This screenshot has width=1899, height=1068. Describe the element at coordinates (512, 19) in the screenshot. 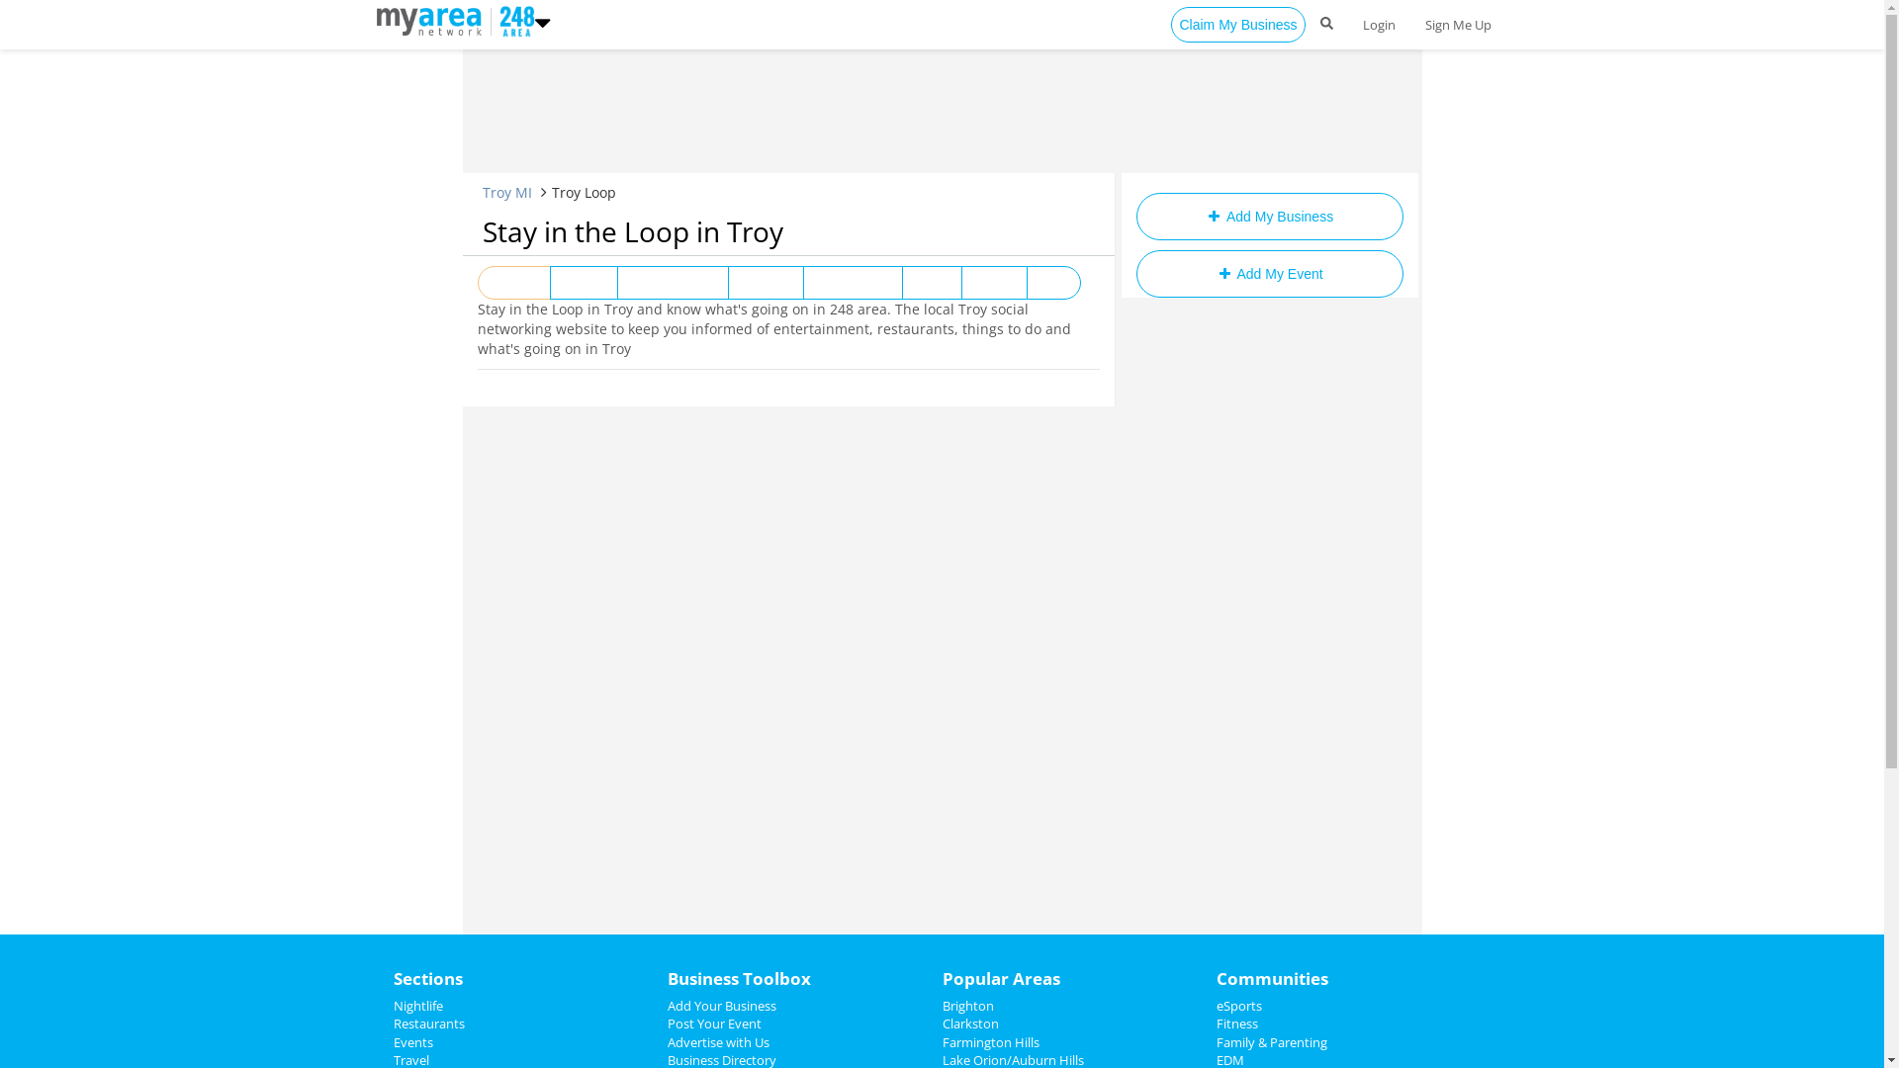

I see `'https://www.248area.com'` at that location.